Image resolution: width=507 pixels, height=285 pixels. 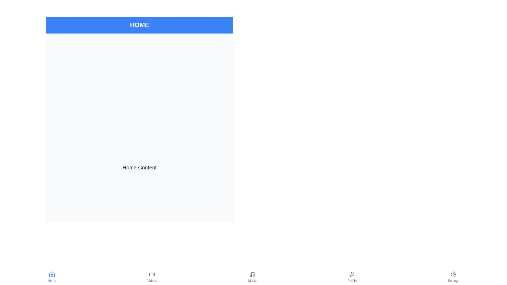 What do you see at coordinates (253, 274) in the screenshot?
I see `the primary vertical line of the music note icon in the Music tab of the bottom navigation bar` at bounding box center [253, 274].